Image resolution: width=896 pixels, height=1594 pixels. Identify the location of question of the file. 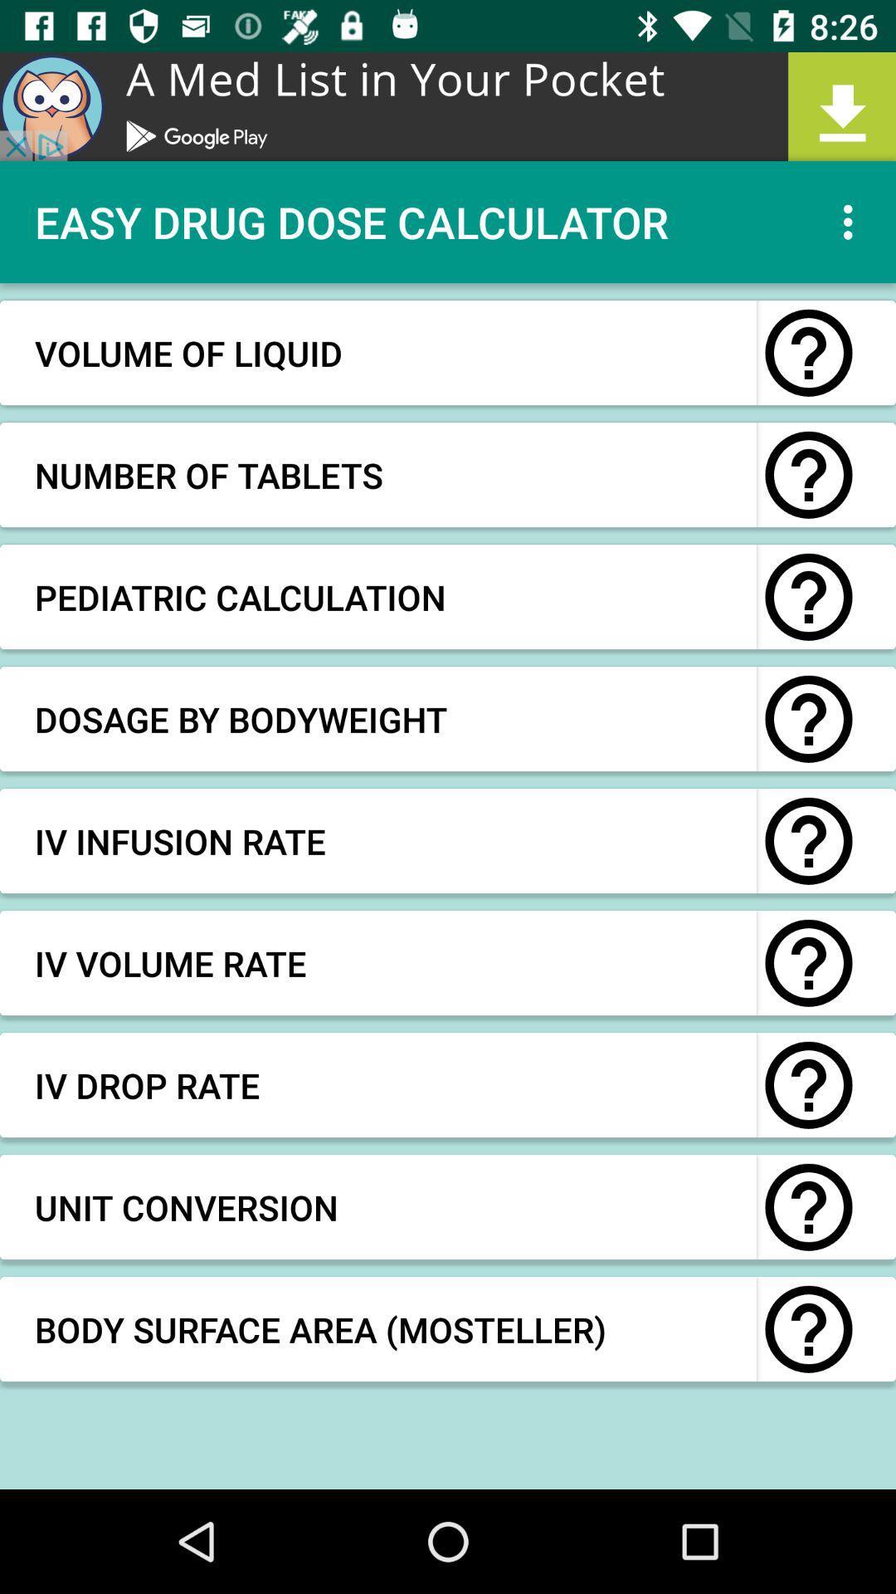
(808, 1207).